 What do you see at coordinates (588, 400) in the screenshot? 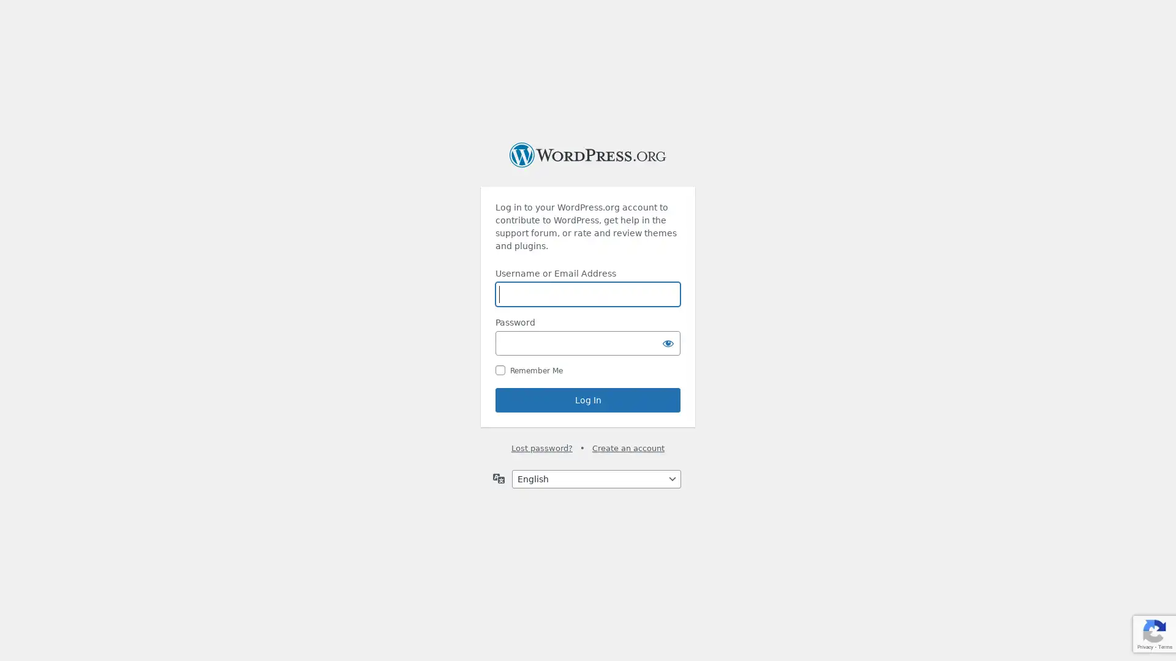
I see `Log In` at bounding box center [588, 400].